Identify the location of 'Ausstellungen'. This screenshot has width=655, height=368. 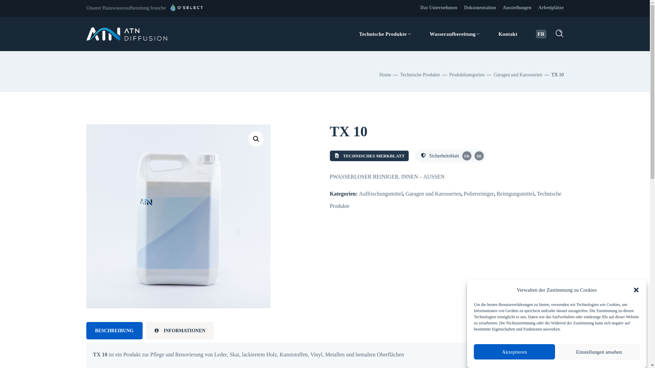
(517, 7).